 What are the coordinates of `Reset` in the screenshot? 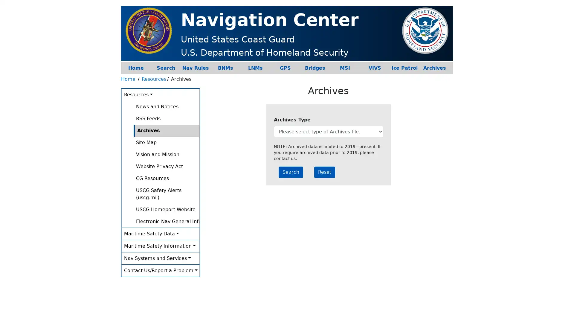 It's located at (324, 172).